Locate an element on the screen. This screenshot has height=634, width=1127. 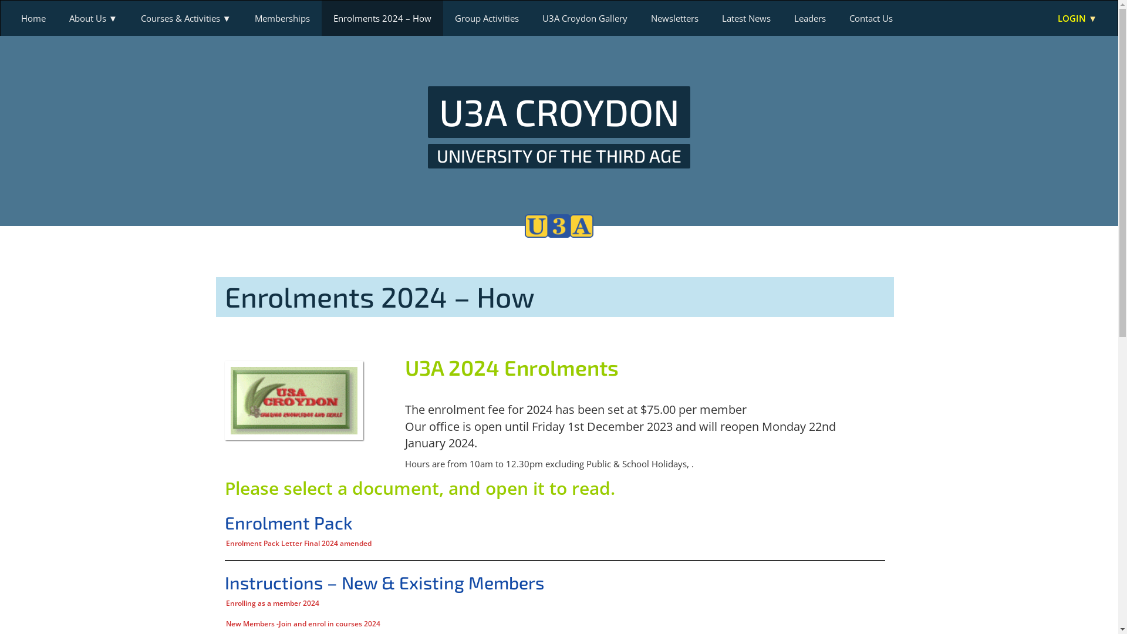
'U3A Croydon Gallery' is located at coordinates (585, 18).